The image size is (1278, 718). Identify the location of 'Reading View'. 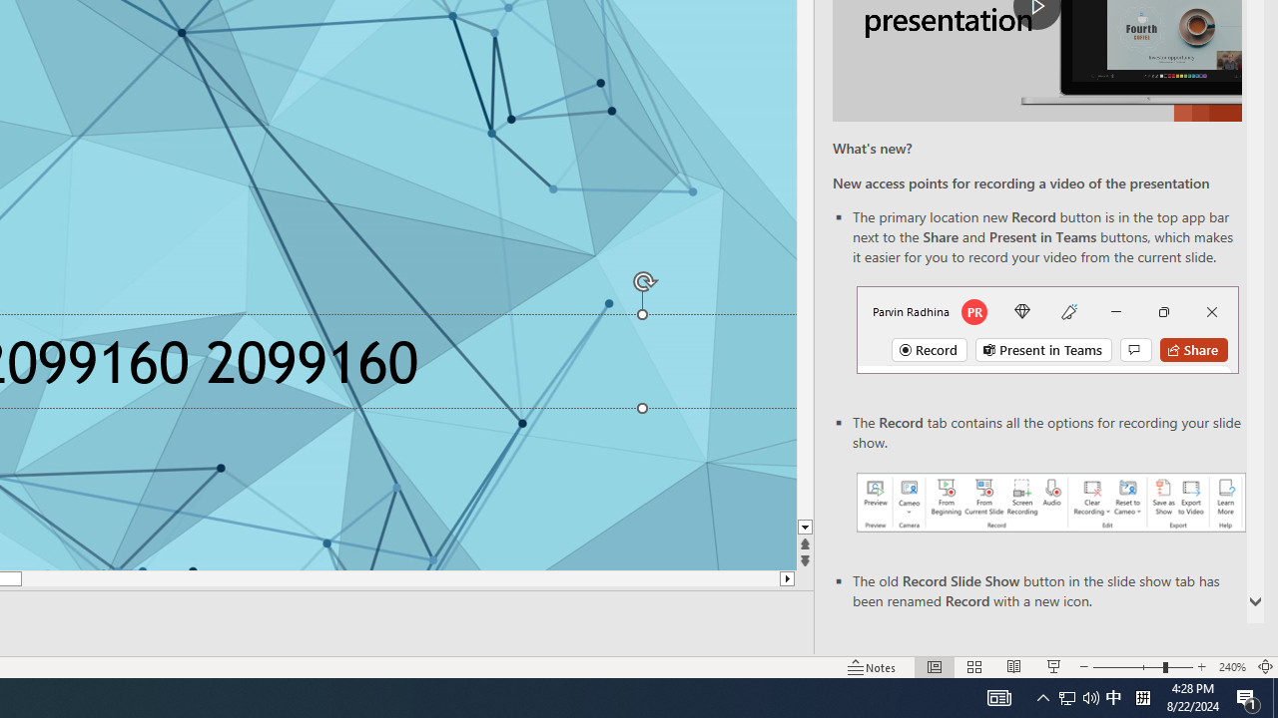
(1013, 667).